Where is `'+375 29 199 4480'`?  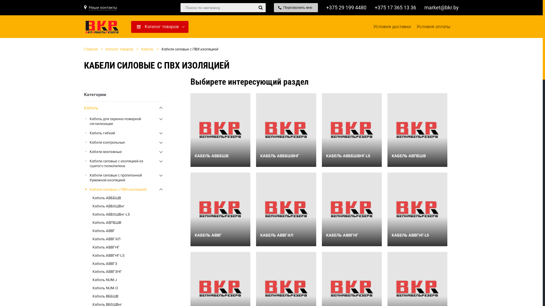
'+375 29 199 4480' is located at coordinates (346, 7).